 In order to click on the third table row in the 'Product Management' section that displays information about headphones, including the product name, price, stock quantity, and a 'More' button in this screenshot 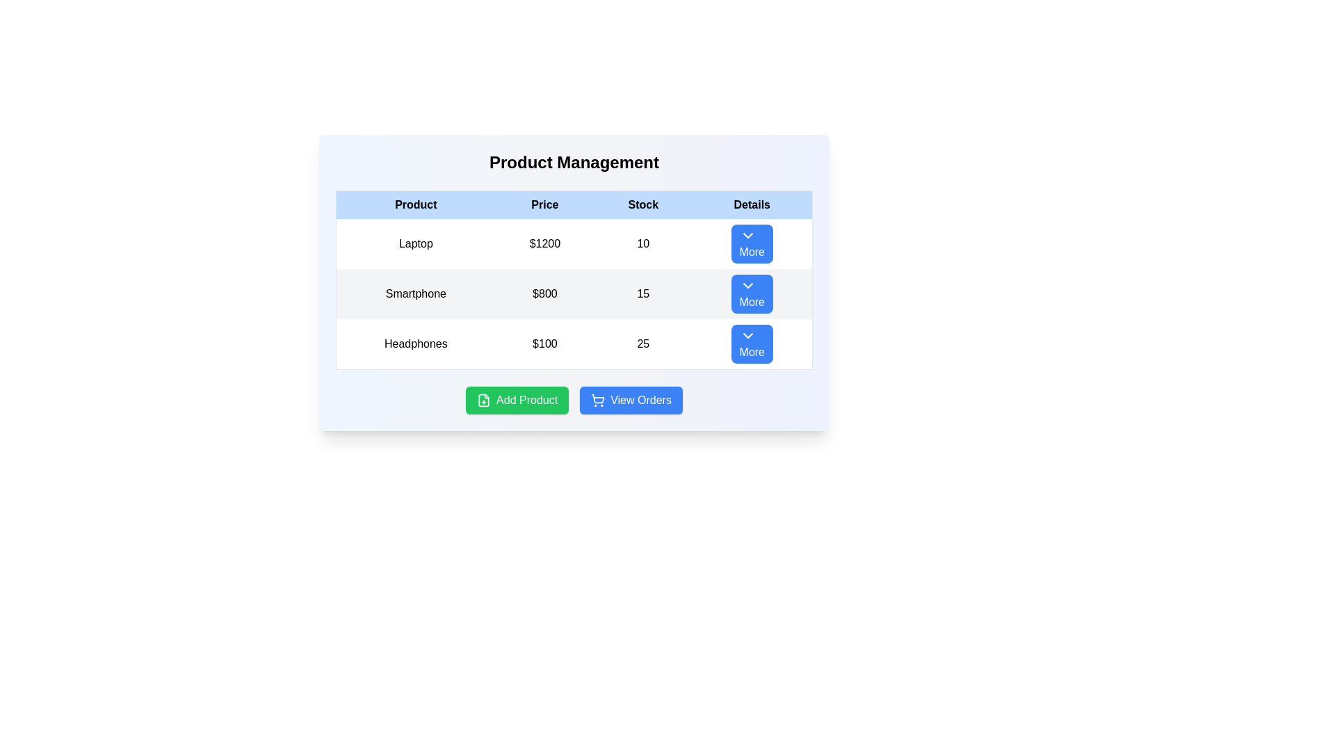, I will do `click(574, 344)`.